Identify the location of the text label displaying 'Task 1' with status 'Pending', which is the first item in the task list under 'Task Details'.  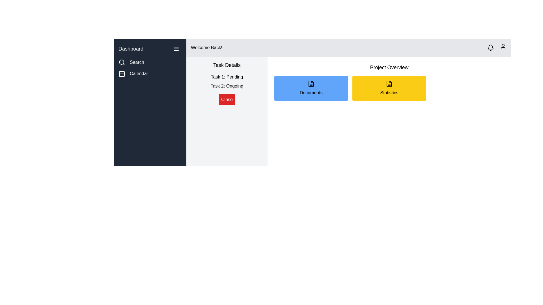
(227, 77).